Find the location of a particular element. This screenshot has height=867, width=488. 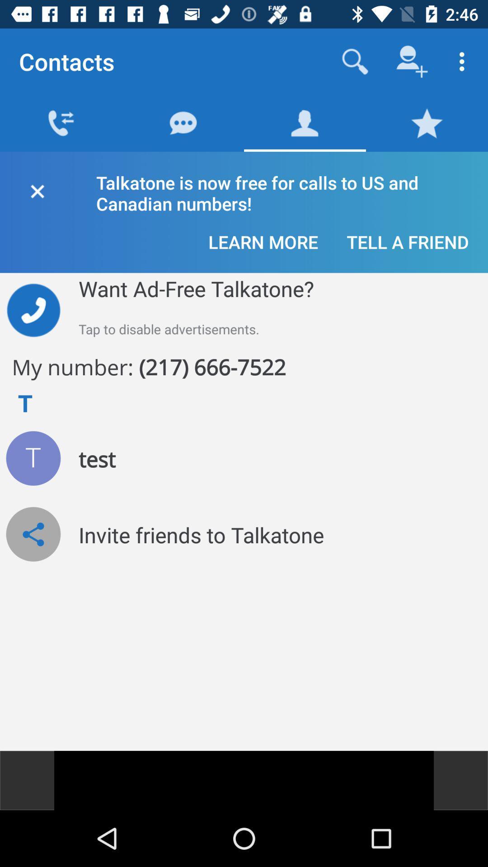

to cancel/to remove is located at coordinates (37, 189).